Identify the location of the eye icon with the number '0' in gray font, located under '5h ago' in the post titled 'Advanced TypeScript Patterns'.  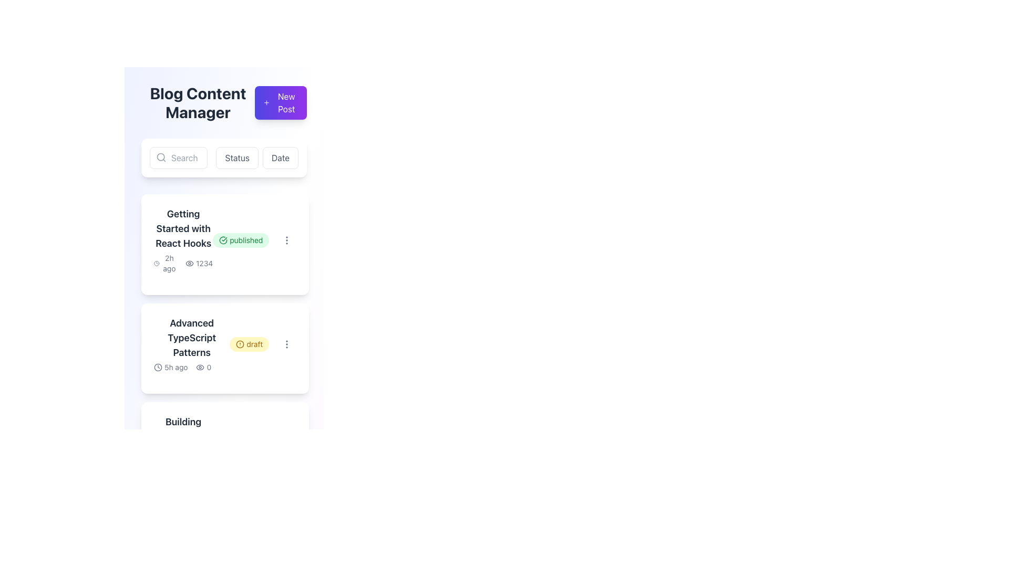
(203, 366).